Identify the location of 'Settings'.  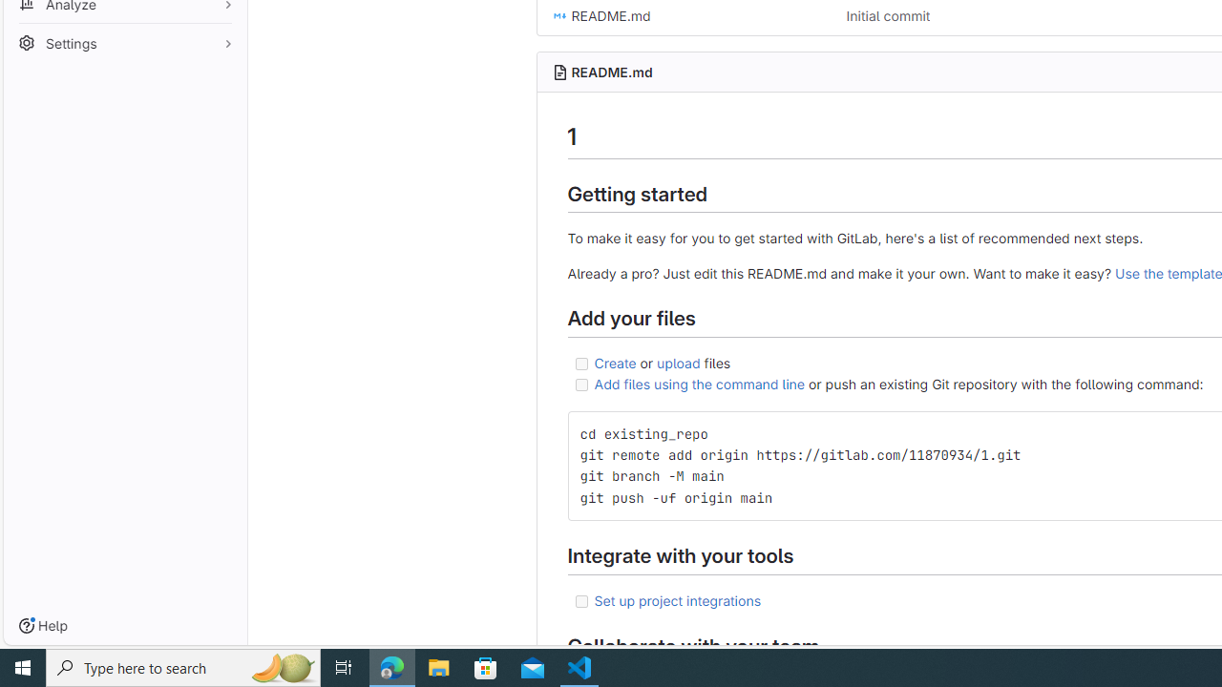
(124, 43).